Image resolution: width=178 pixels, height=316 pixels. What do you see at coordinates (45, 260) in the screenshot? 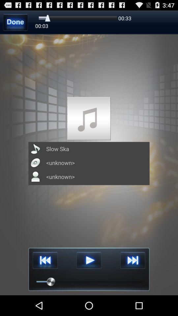
I see `previous track` at bounding box center [45, 260].